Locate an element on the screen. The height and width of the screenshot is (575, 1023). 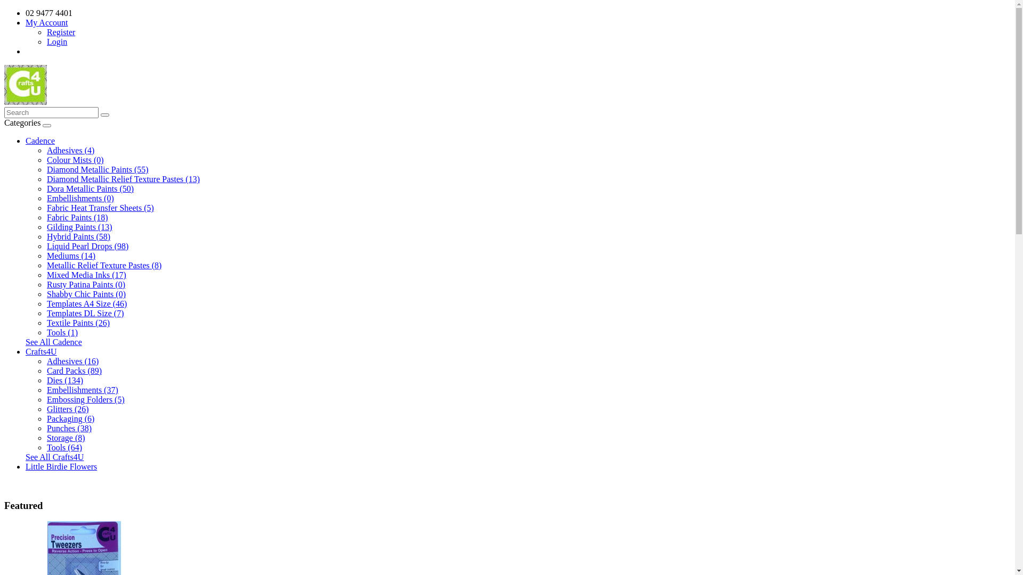
'Embellishments (37)' is located at coordinates (82, 390).